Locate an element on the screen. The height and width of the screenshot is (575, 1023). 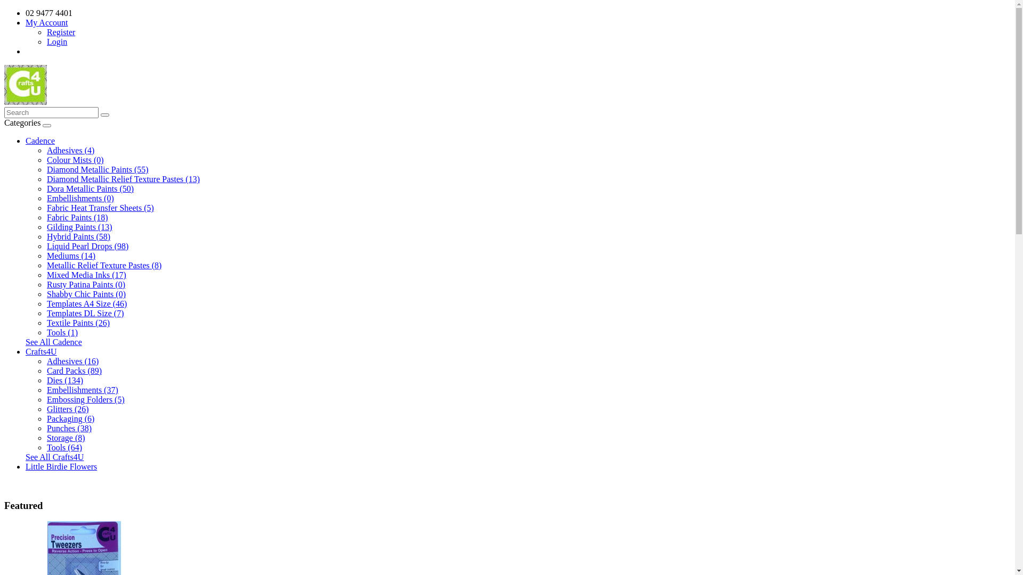
'Embellishments (37)' is located at coordinates (82, 390).